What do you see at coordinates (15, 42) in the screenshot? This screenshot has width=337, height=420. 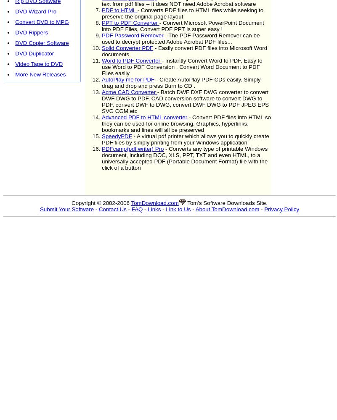 I see `'DVD Copier Software'` at bounding box center [15, 42].